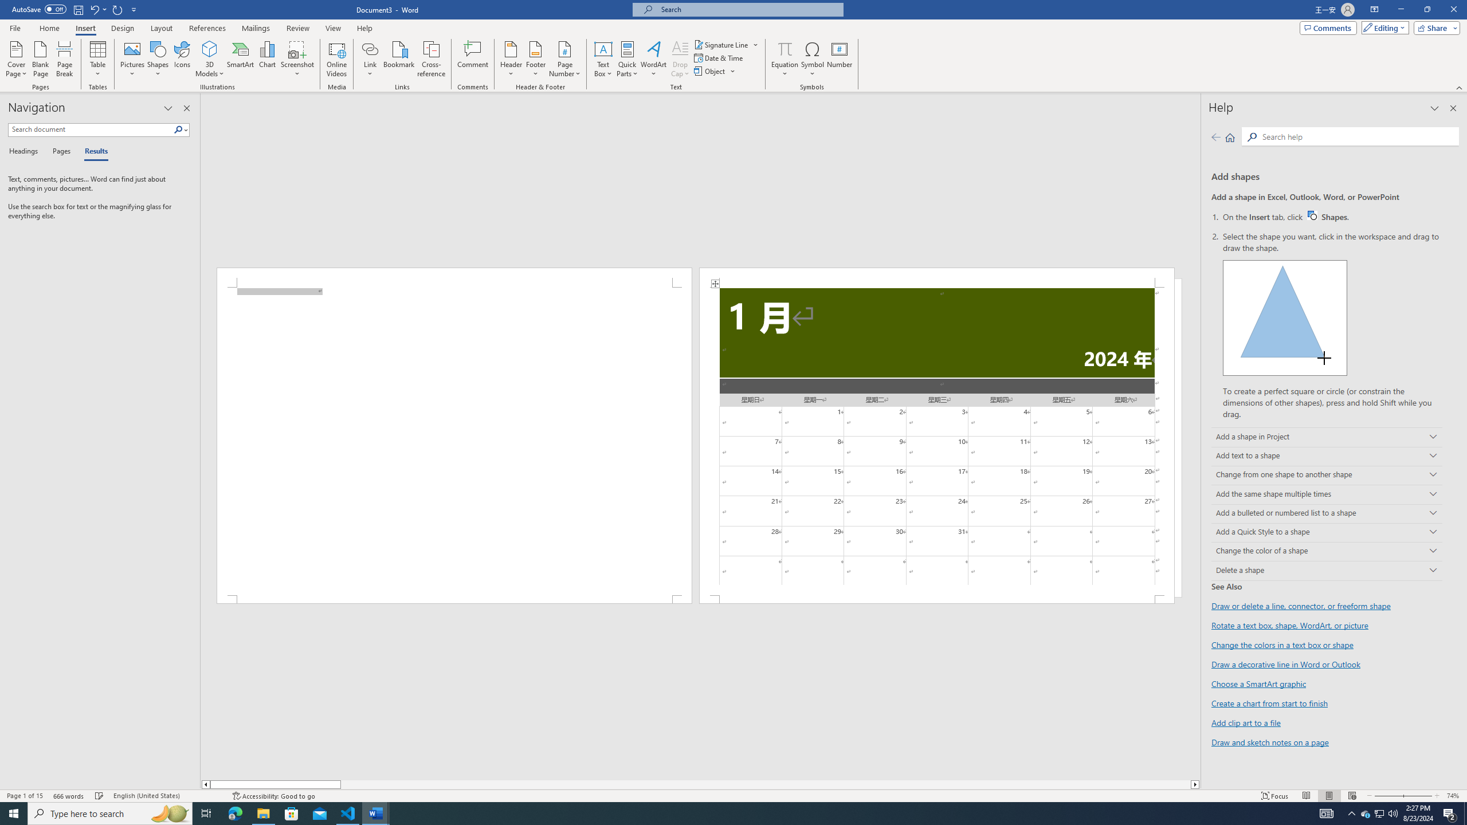 This screenshot has width=1467, height=825. Describe the element at coordinates (1301, 606) in the screenshot. I see `'Draw or delete a line, connector, or freeform shape'` at that location.